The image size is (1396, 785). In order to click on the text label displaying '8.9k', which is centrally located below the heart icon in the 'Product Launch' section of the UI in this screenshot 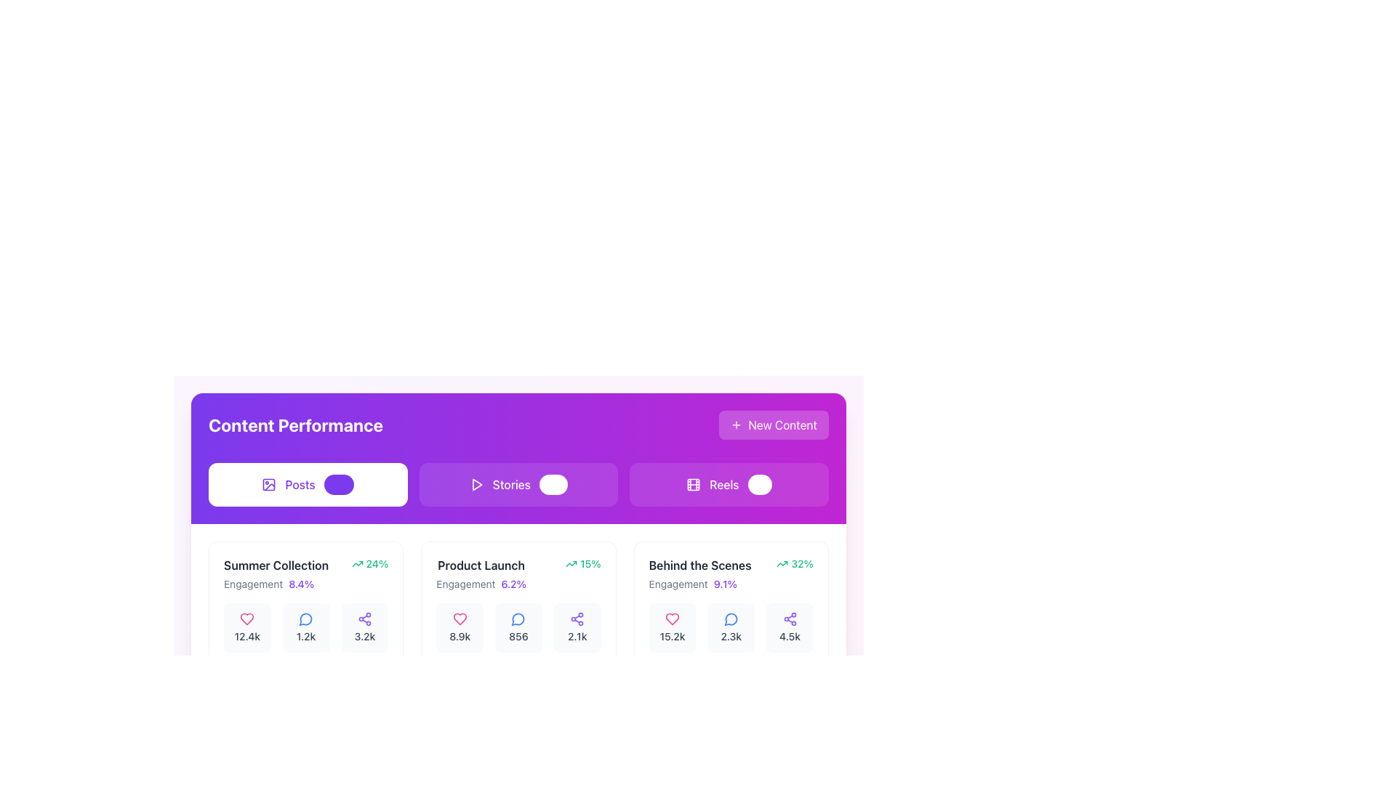, I will do `click(459, 635)`.